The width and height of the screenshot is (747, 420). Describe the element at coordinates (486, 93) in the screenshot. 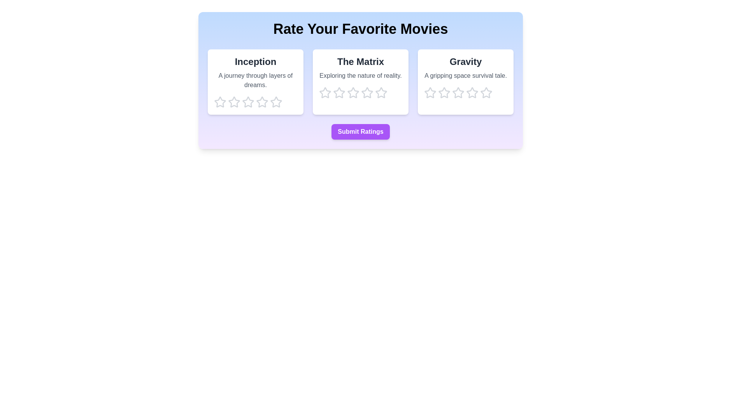

I see `the star corresponding to 5 for the movie Gravity` at that location.